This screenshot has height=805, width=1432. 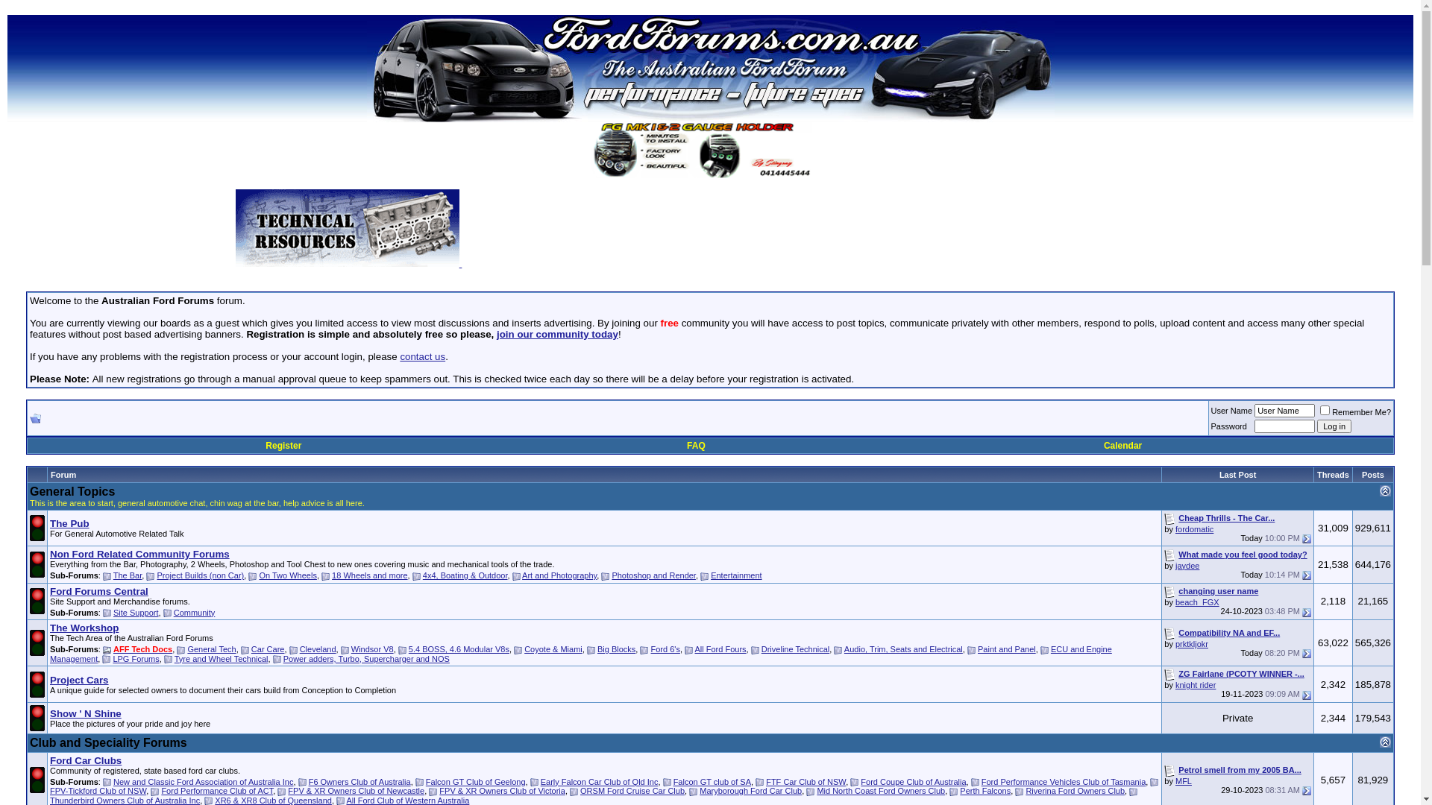 What do you see at coordinates (369, 574) in the screenshot?
I see `'18 Wheels and more'` at bounding box center [369, 574].